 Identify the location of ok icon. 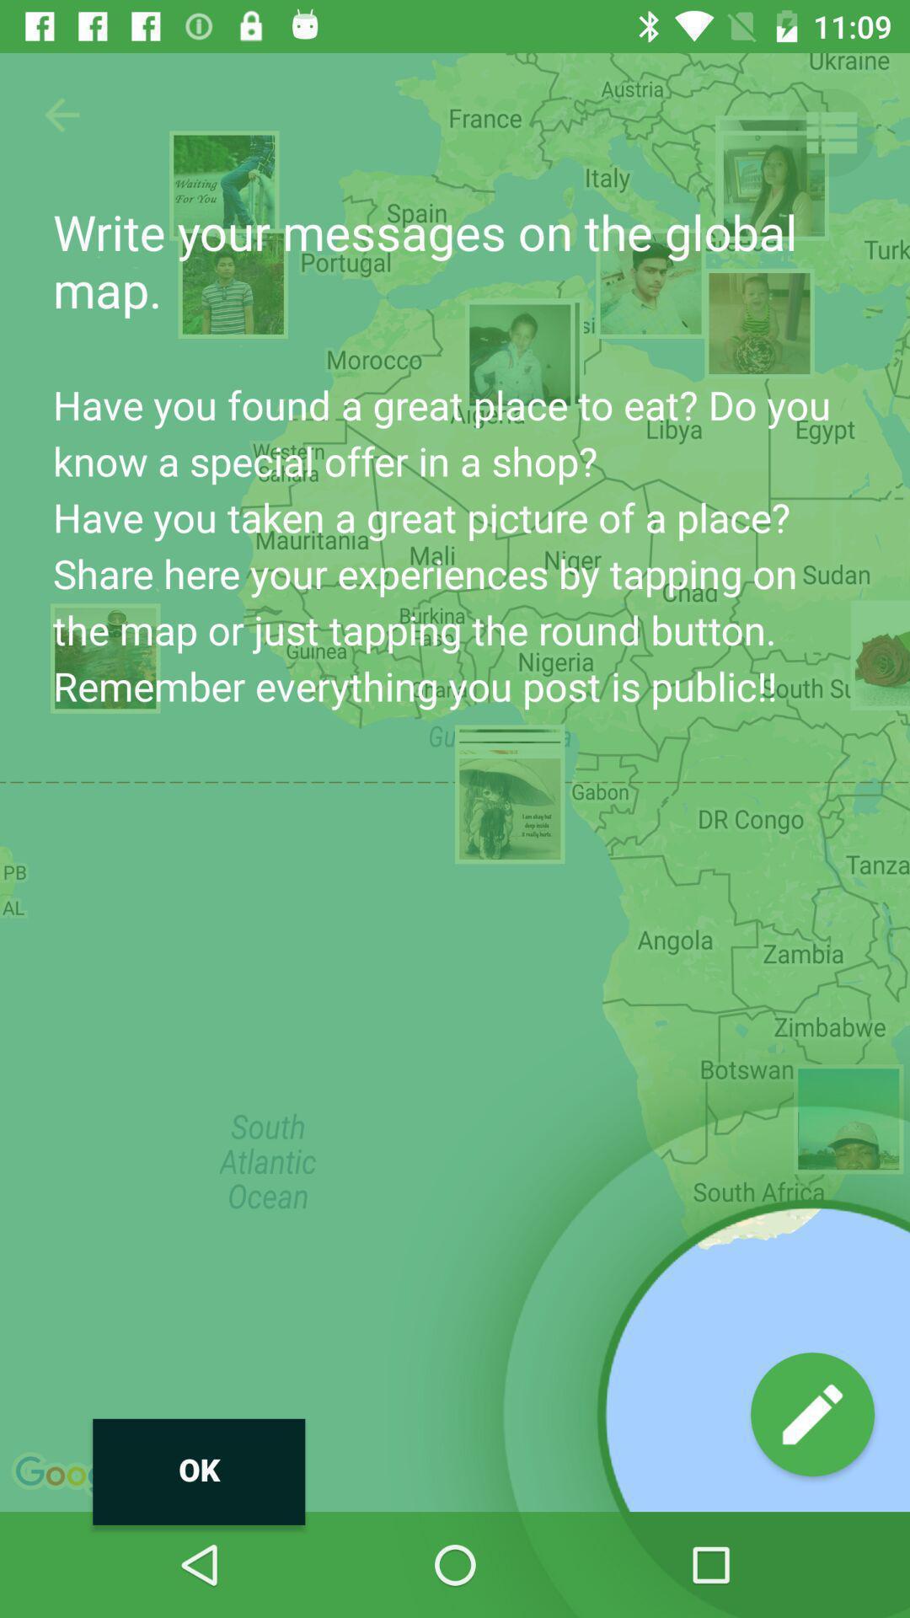
(198, 1471).